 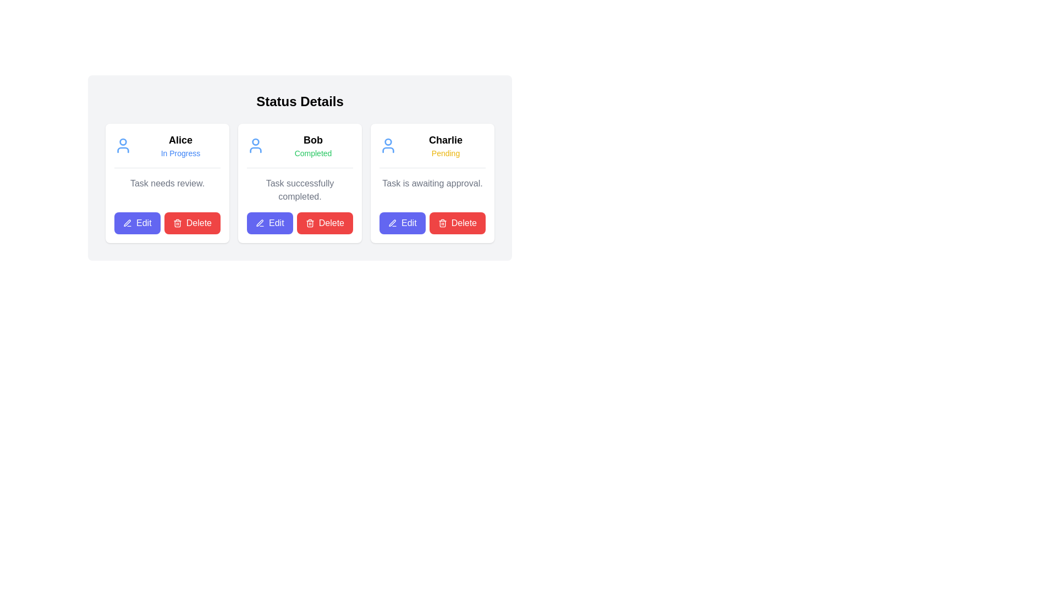 What do you see at coordinates (324, 223) in the screenshot?
I see `the deletion button located to the right of the blue 'Edit' button in the middle column of the layout` at bounding box center [324, 223].